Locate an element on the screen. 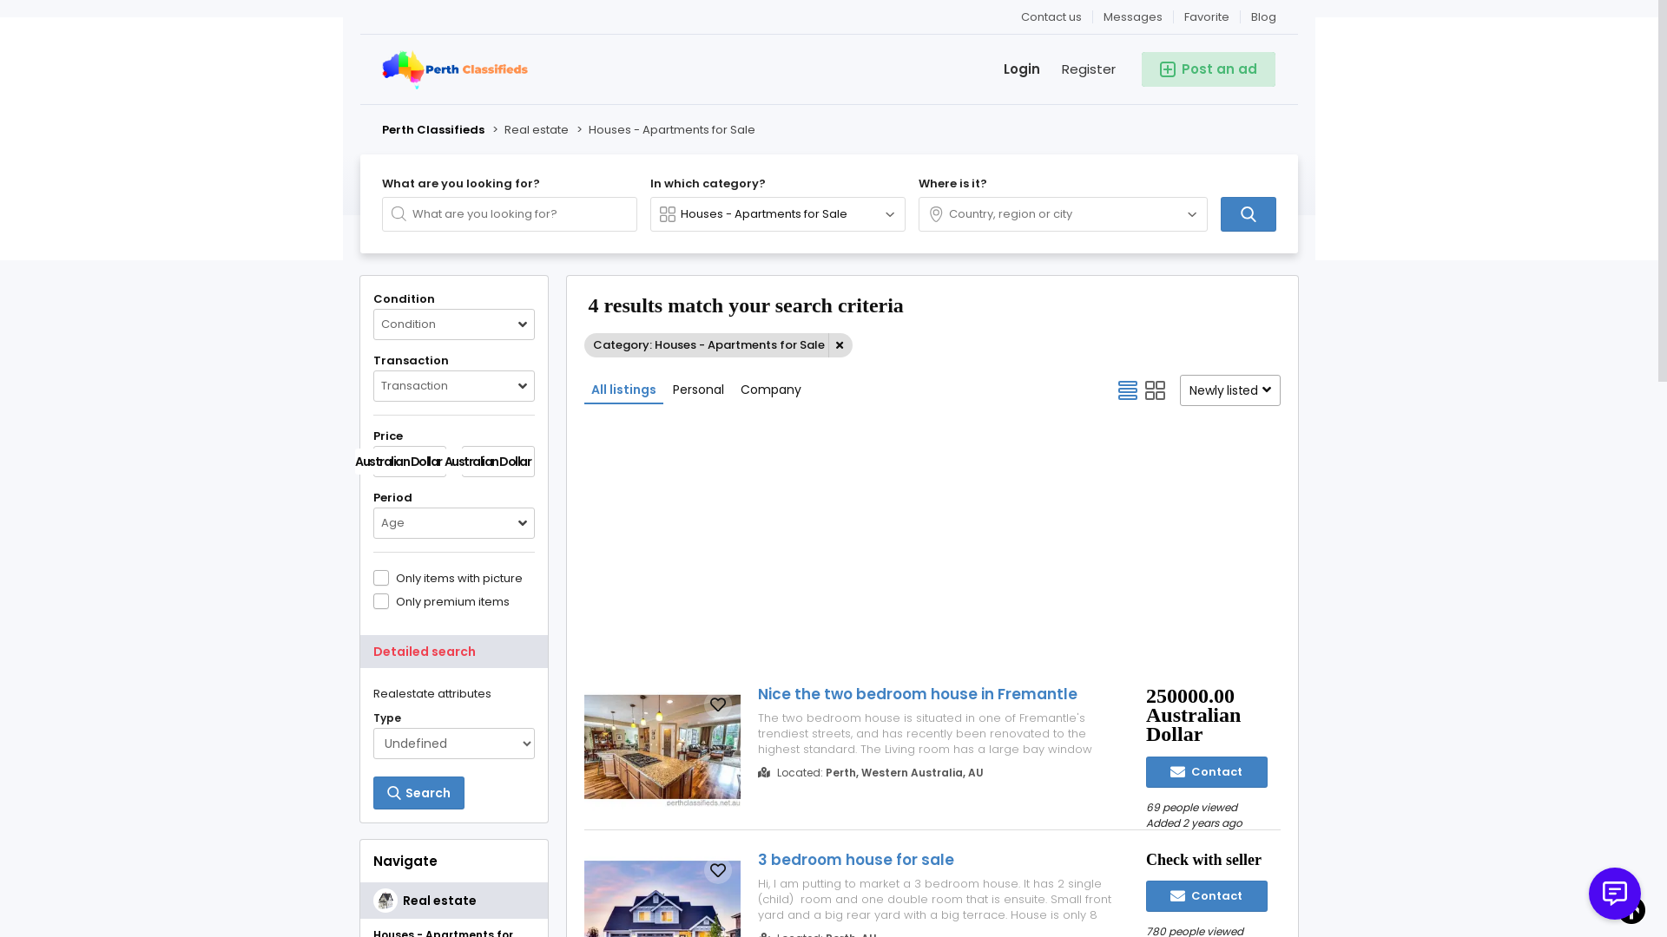 This screenshot has width=1667, height=937. 'Contact us' is located at coordinates (1051, 16).